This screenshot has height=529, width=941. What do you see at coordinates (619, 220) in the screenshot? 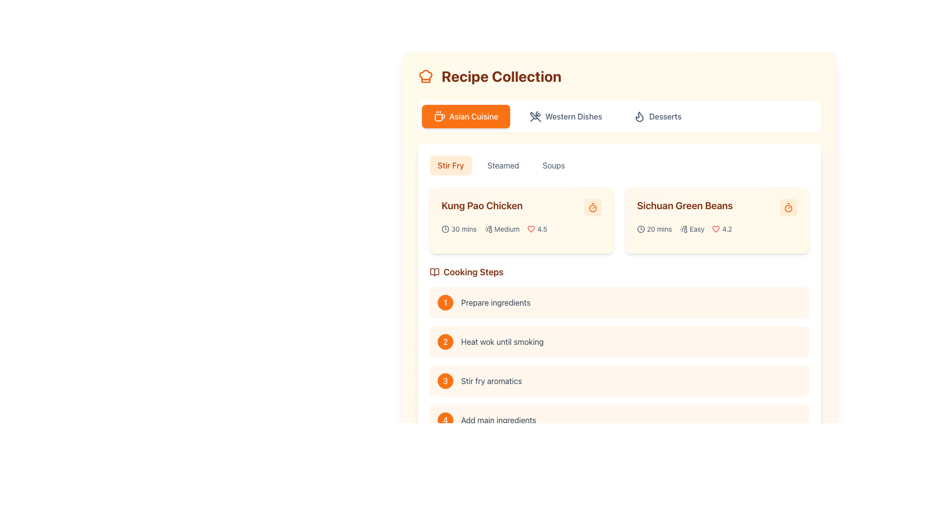
I see `the interactive recipe cards grid layout` at bounding box center [619, 220].